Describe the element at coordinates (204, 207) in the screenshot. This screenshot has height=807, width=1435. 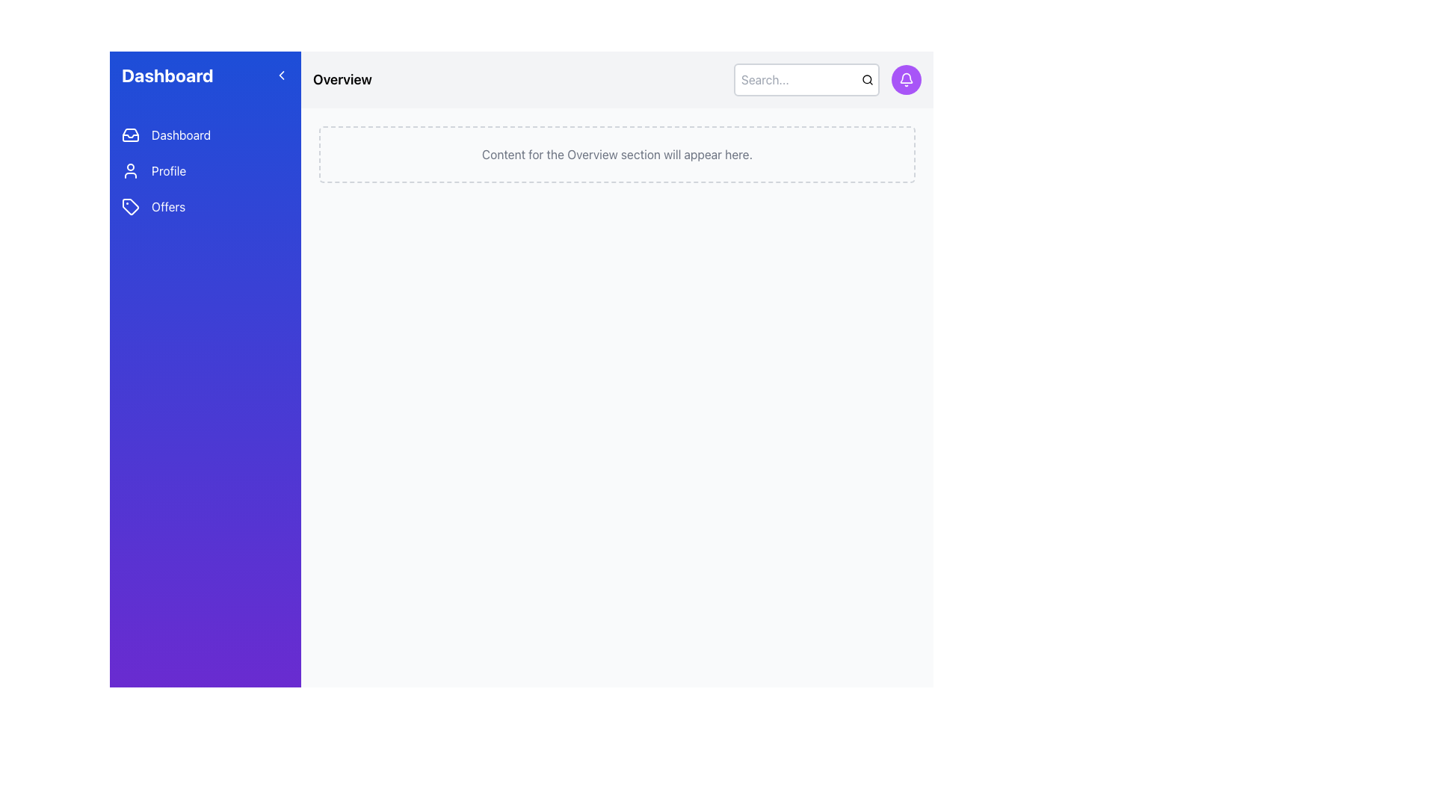
I see `the third button in the stacked navigation menu on the left sidebar` at that location.